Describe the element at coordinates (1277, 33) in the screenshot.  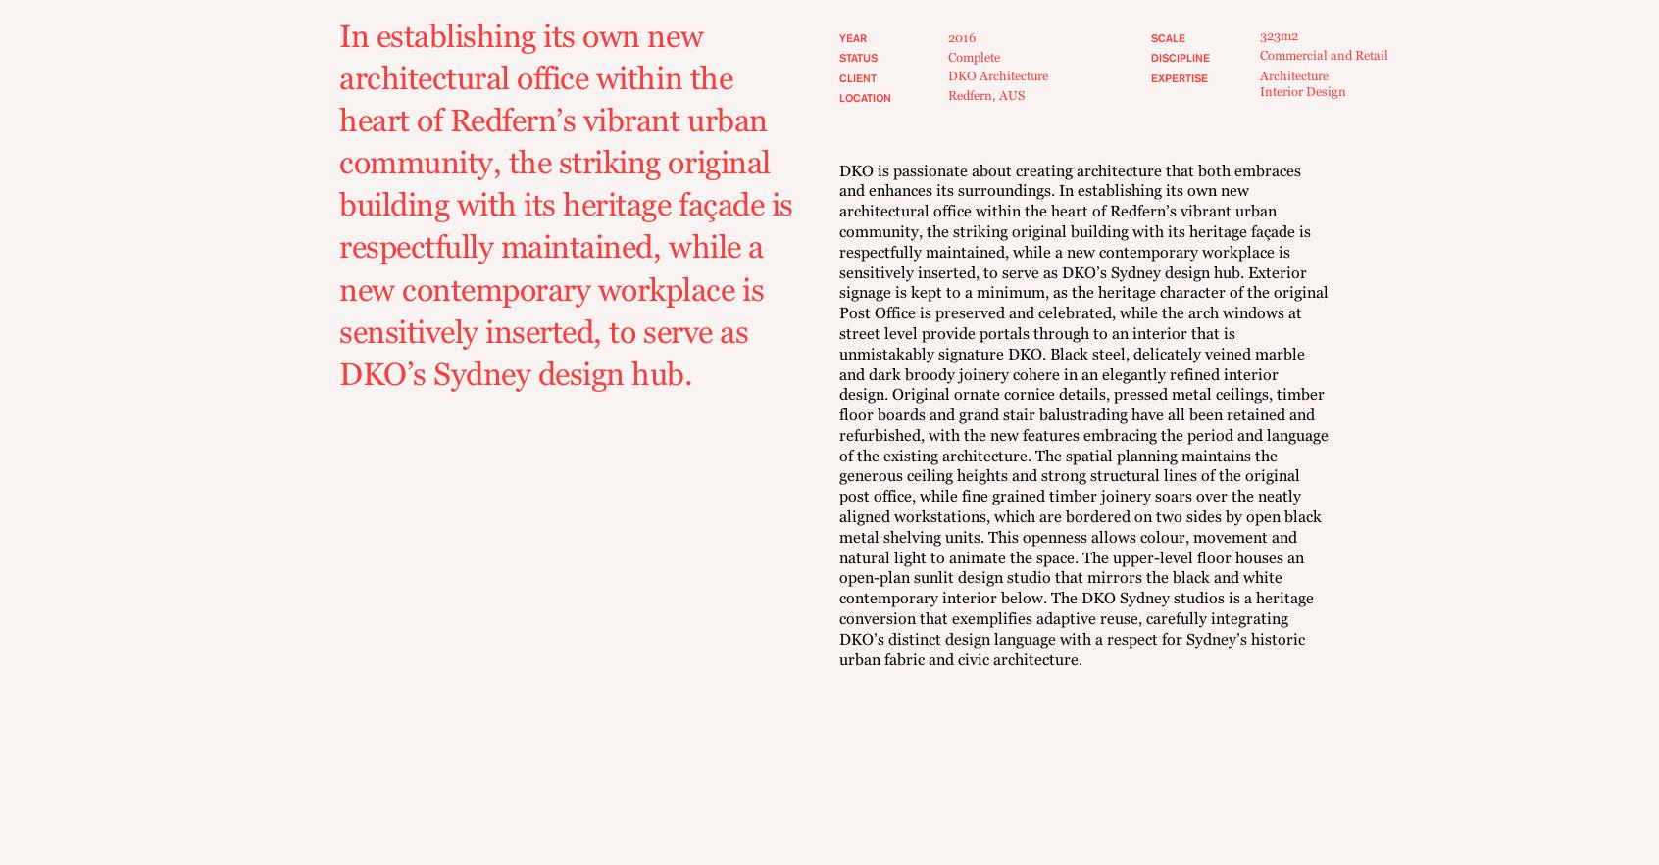
I see `'323m2'` at that location.